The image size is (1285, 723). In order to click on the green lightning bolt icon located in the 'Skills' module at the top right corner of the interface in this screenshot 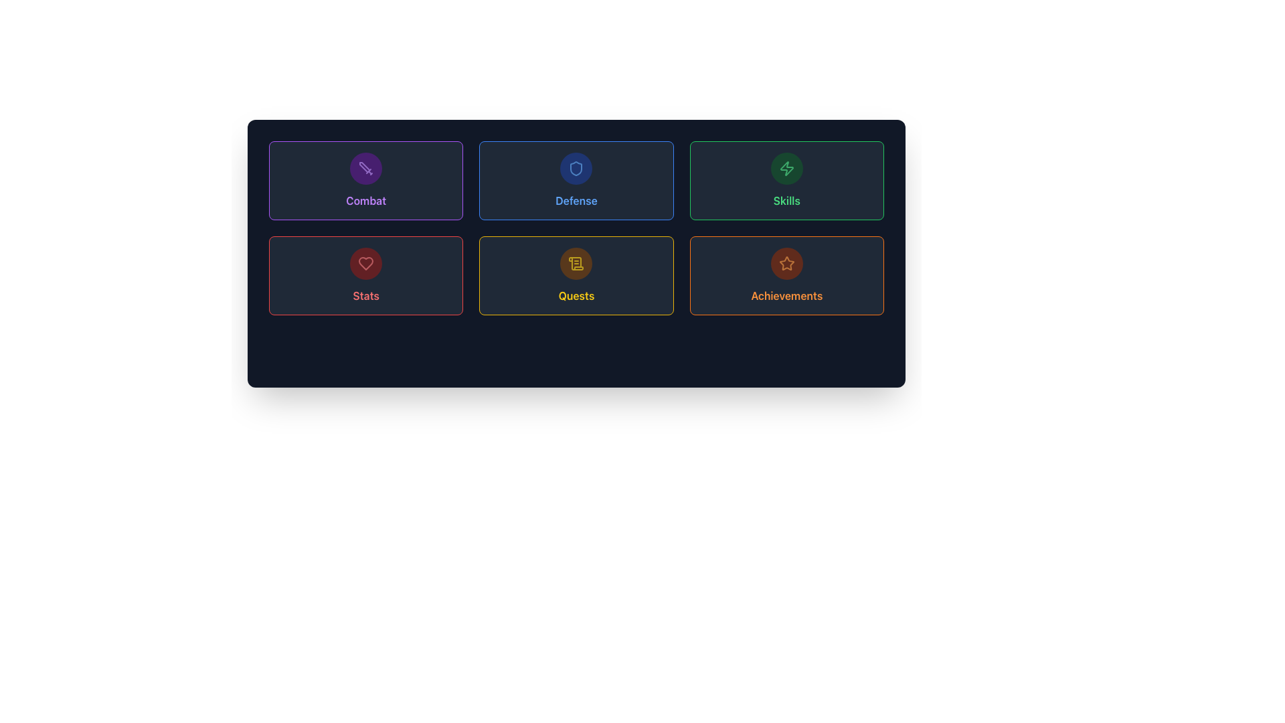, I will do `click(786, 167)`.